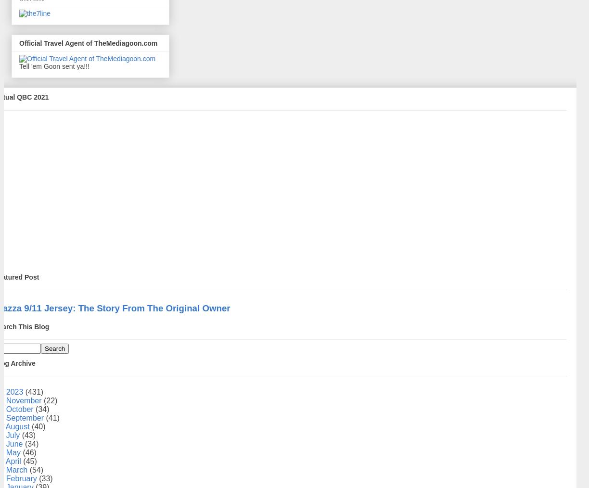 This screenshot has height=488, width=589. I want to click on '(46)', so click(23, 452).